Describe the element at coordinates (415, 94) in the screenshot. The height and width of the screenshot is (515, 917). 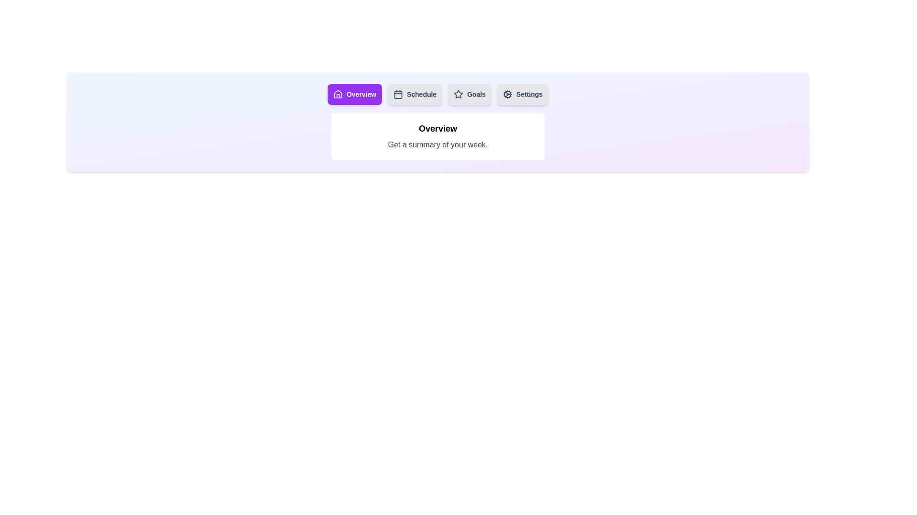
I see `the tab labeled Schedule` at that location.